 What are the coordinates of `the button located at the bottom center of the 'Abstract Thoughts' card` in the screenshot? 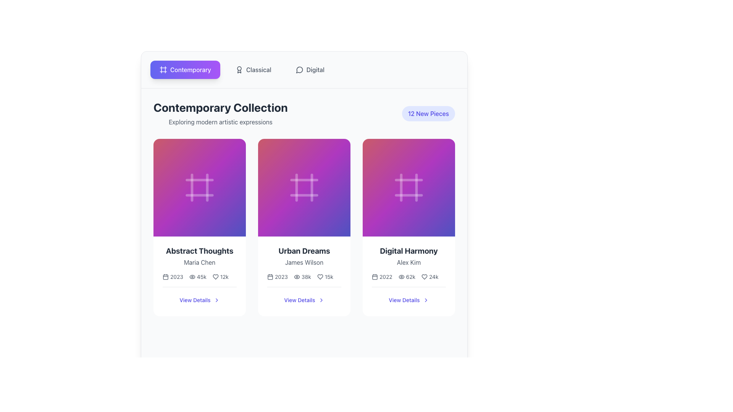 It's located at (200, 299).